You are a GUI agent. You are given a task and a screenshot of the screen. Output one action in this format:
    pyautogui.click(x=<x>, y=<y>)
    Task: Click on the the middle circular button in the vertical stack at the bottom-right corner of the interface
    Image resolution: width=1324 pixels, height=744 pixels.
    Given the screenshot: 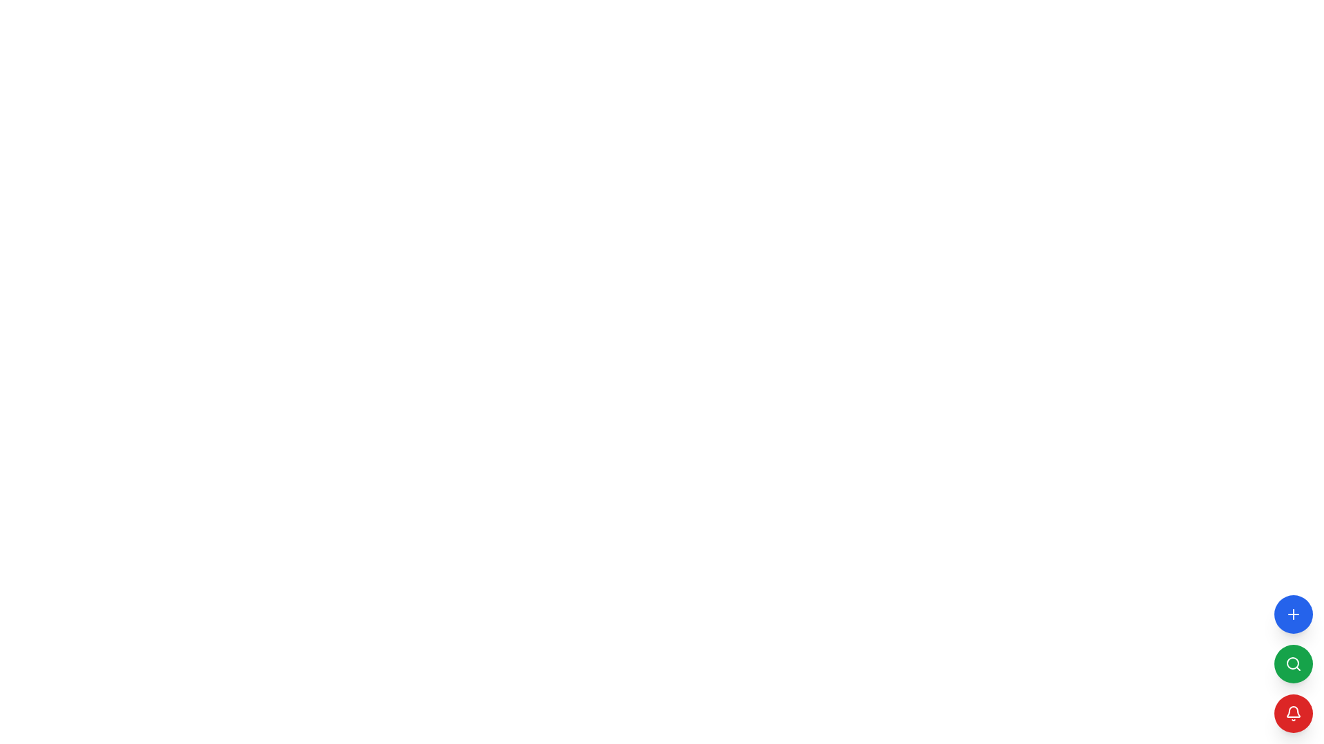 What is the action you would take?
    pyautogui.click(x=1293, y=663)
    